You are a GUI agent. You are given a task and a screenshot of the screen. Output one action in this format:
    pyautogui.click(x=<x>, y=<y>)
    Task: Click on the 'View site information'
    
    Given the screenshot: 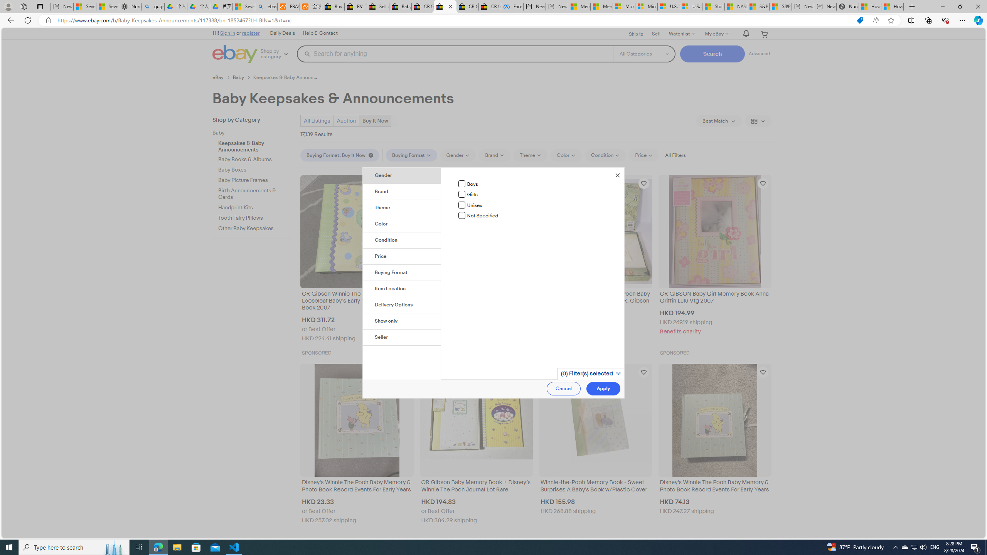 What is the action you would take?
    pyautogui.click(x=48, y=20)
    